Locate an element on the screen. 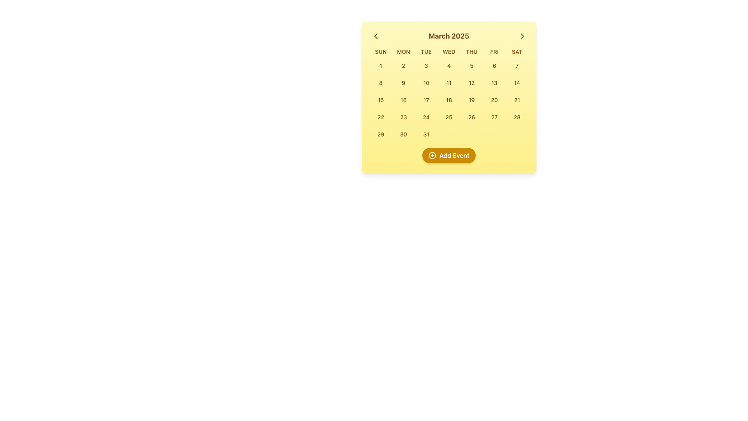  the calendar date cell representing the 15th day of the month is located at coordinates (381, 100).